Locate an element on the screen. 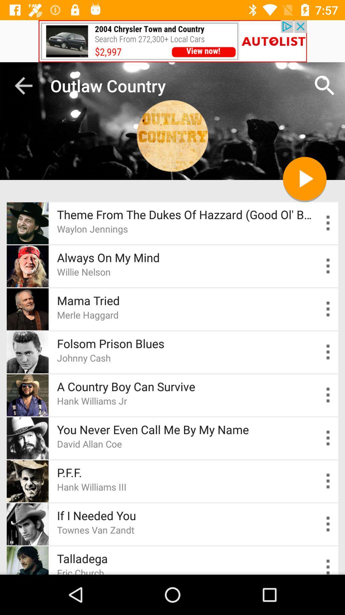 The width and height of the screenshot is (345, 615). options of p.f.f is located at coordinates (328, 481).